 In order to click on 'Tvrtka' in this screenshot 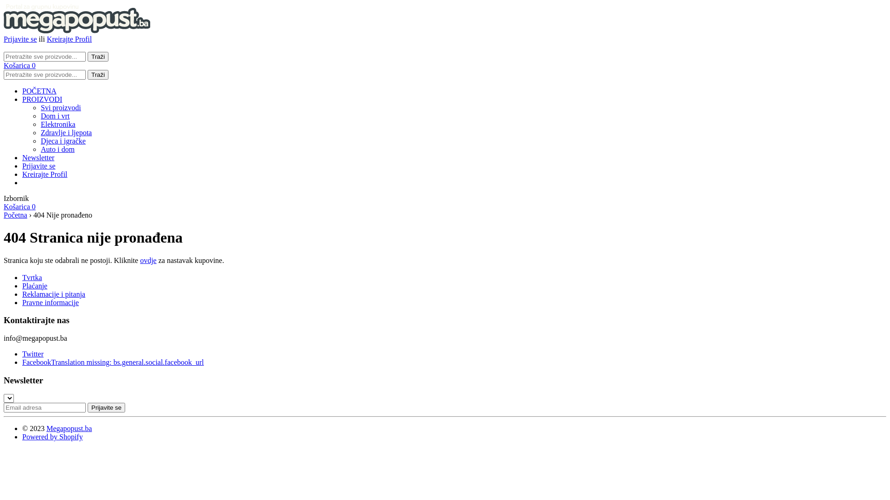, I will do `click(32, 277)`.